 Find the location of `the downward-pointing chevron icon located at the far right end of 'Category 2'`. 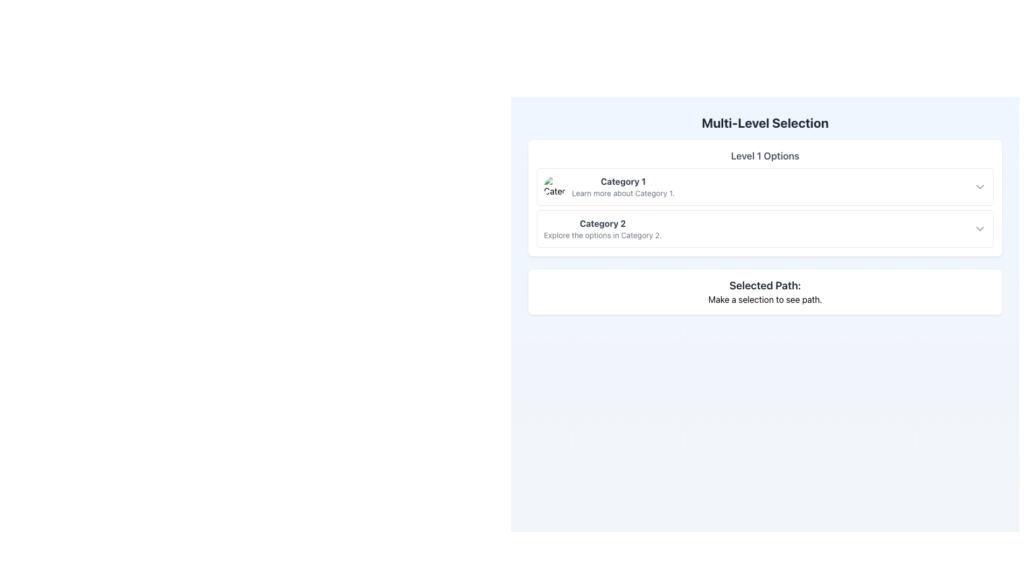

the downward-pointing chevron icon located at the far right end of 'Category 2' is located at coordinates (980, 228).